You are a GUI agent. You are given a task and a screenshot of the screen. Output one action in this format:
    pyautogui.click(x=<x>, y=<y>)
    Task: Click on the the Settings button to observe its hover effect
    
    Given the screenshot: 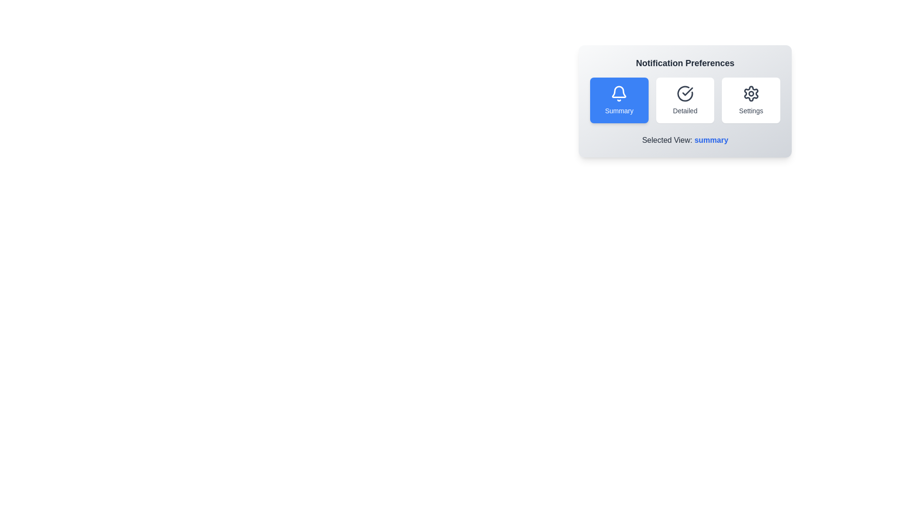 What is the action you would take?
    pyautogui.click(x=750, y=100)
    